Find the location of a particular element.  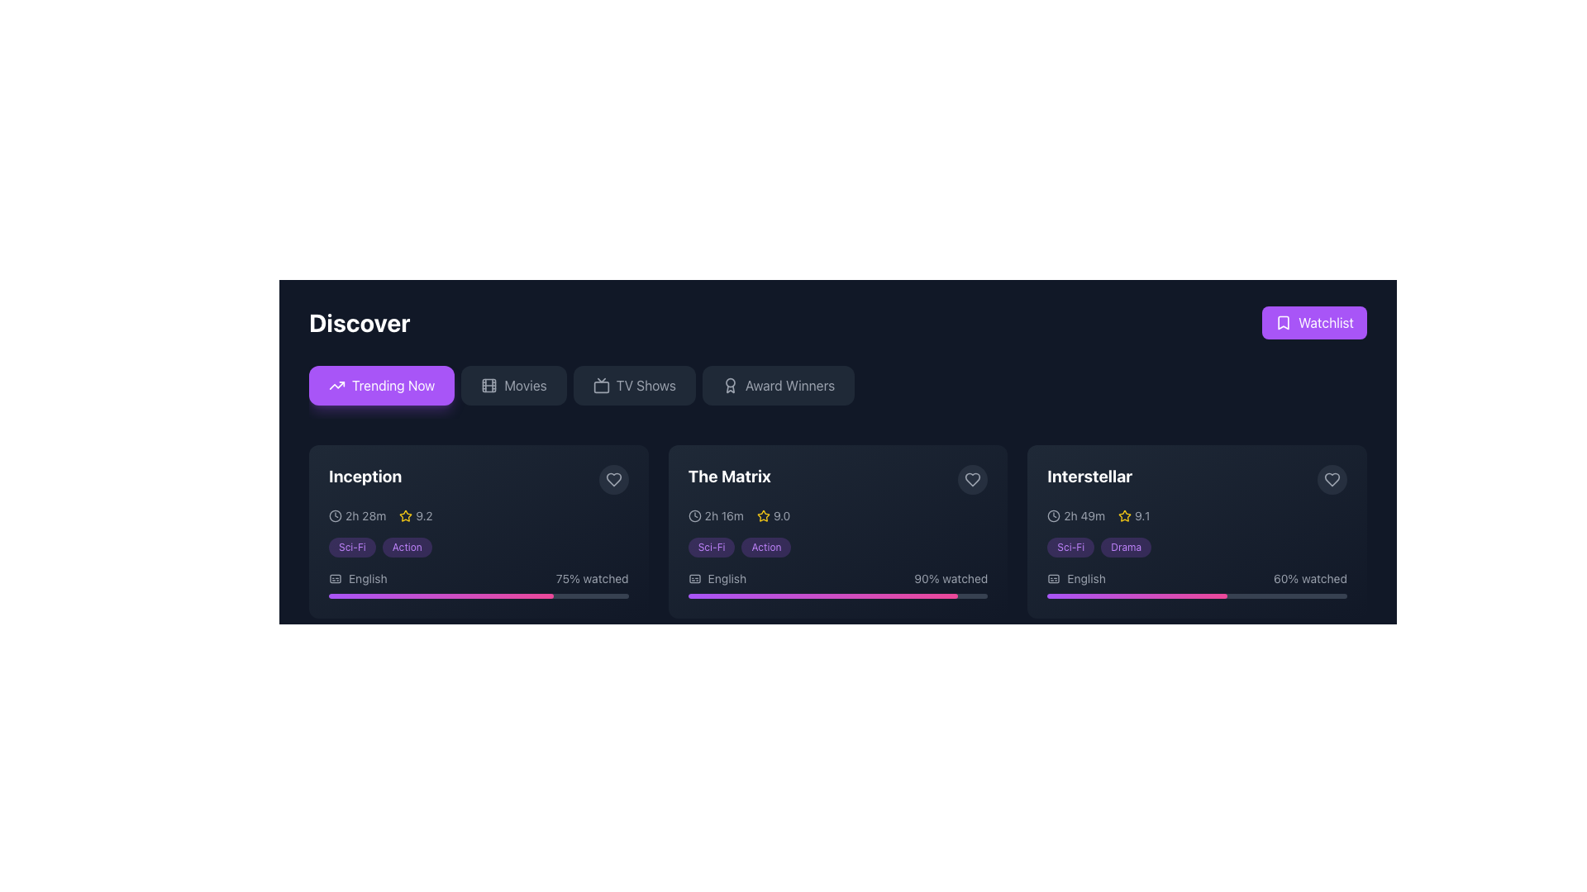

the favorite toggle button located in the top-right corner of the card labeled 'The Matrix' to observe the state change is located at coordinates (973, 480).